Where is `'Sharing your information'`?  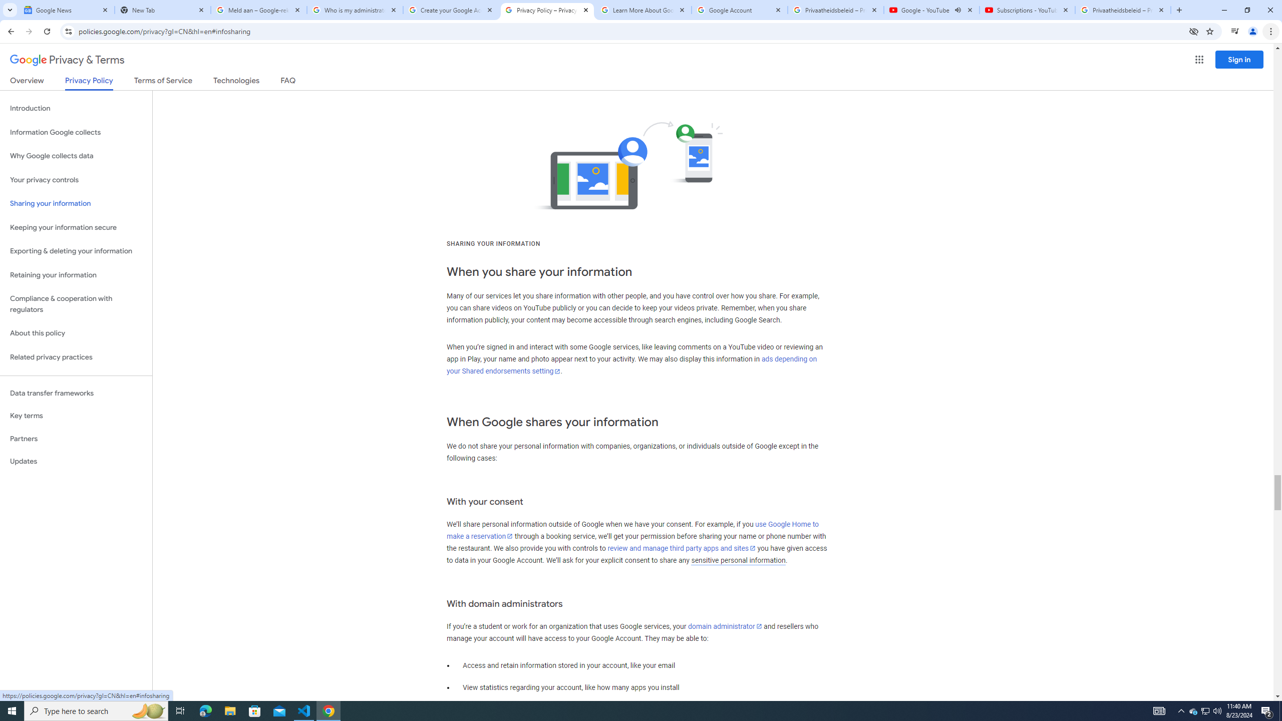 'Sharing your information' is located at coordinates (76, 203).